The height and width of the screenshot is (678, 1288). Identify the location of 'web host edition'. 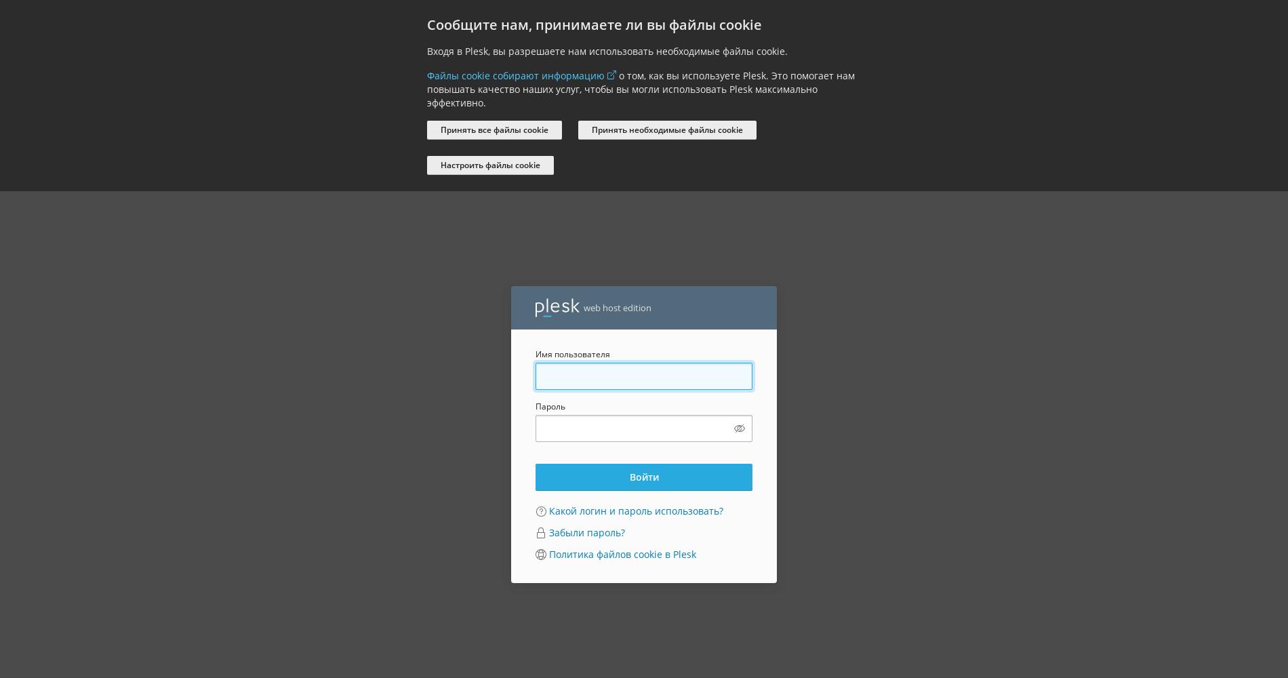
(583, 306).